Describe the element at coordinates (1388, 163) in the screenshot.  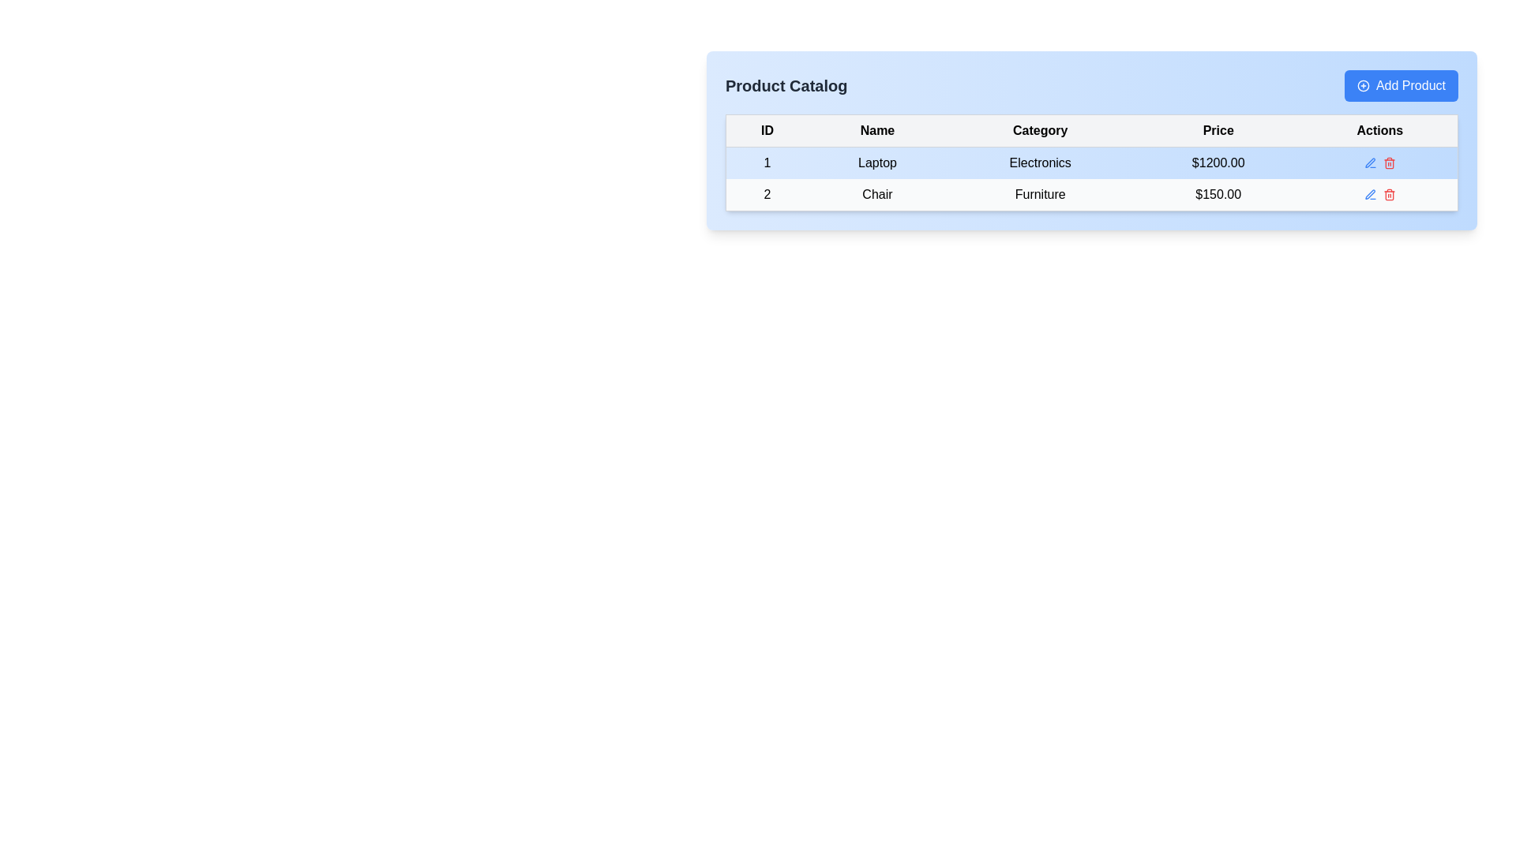
I see `the red trash bin icon in the 'Actions' column of the table for the item 'Laptop' priced at '$1200.00' using keyboard navigation` at that location.